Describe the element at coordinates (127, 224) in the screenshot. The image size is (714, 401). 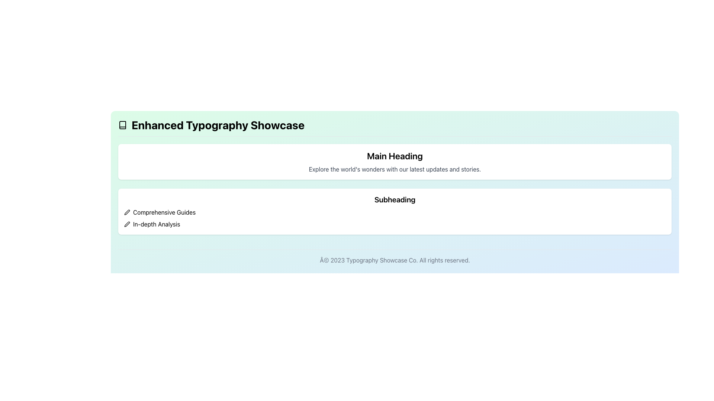
I see `the small black stylized pen icon located to the left of the text 'Comprehensive Guides'` at that location.